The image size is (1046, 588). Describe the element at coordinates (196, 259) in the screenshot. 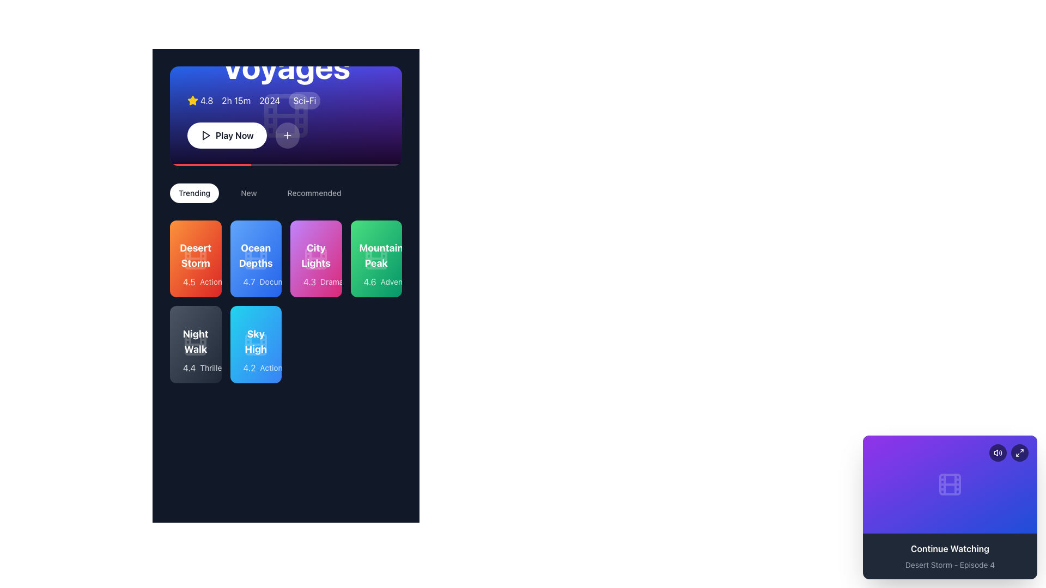

I see `the 'Desert Storm' movie card located in the first row and first column of the grid` at that location.